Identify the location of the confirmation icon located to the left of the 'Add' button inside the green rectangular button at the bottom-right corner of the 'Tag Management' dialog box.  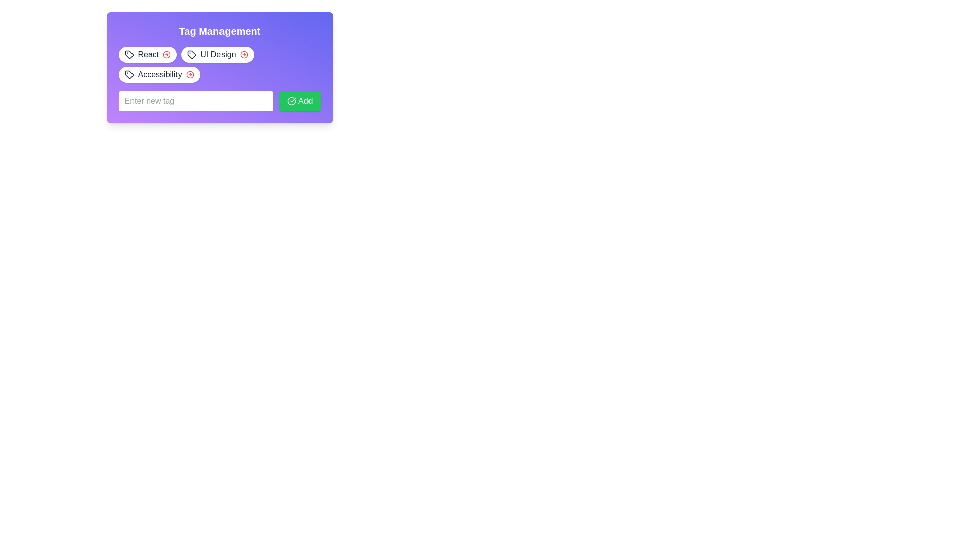
(291, 101).